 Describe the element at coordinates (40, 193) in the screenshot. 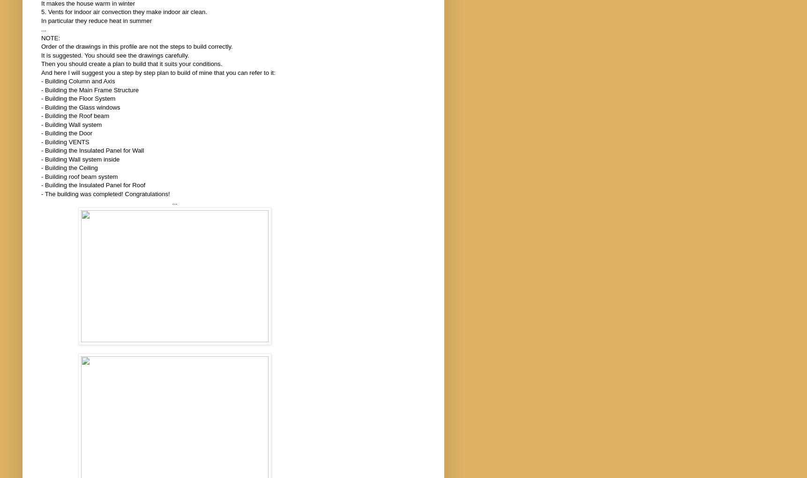

I see `'- The building was completed! Congratulations!'` at that location.